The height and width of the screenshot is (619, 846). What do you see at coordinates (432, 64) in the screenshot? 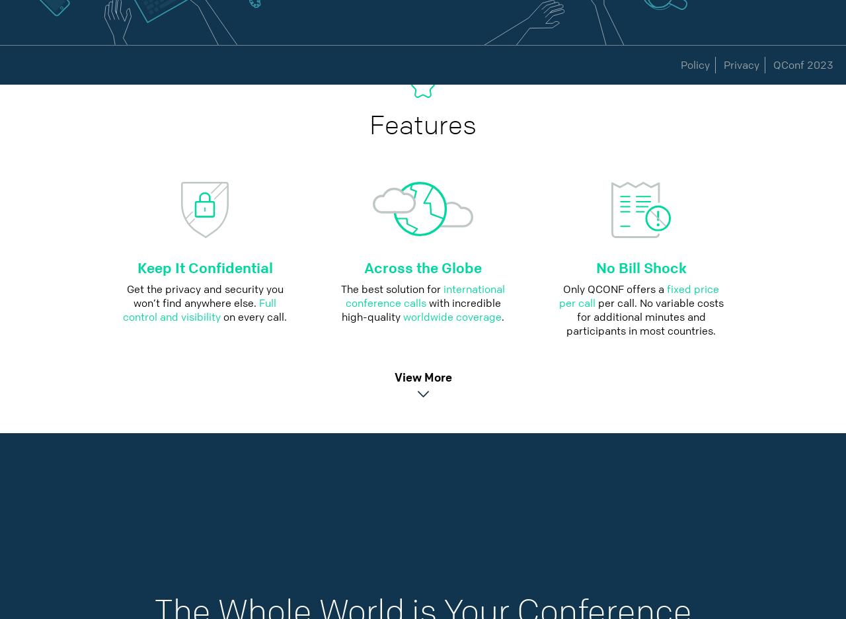
I see `'Contact'` at bounding box center [432, 64].